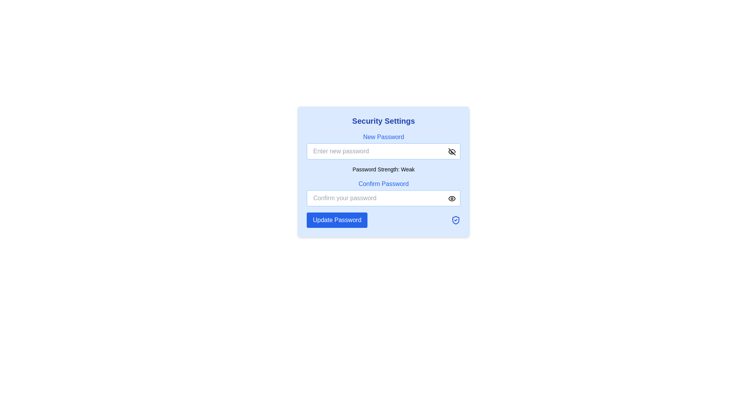 Image resolution: width=738 pixels, height=415 pixels. I want to click on the small icon button shaped like an 'eye with a slash' symbol, located immediately to the right of the 'Enter new password' input field, so click(452, 151).